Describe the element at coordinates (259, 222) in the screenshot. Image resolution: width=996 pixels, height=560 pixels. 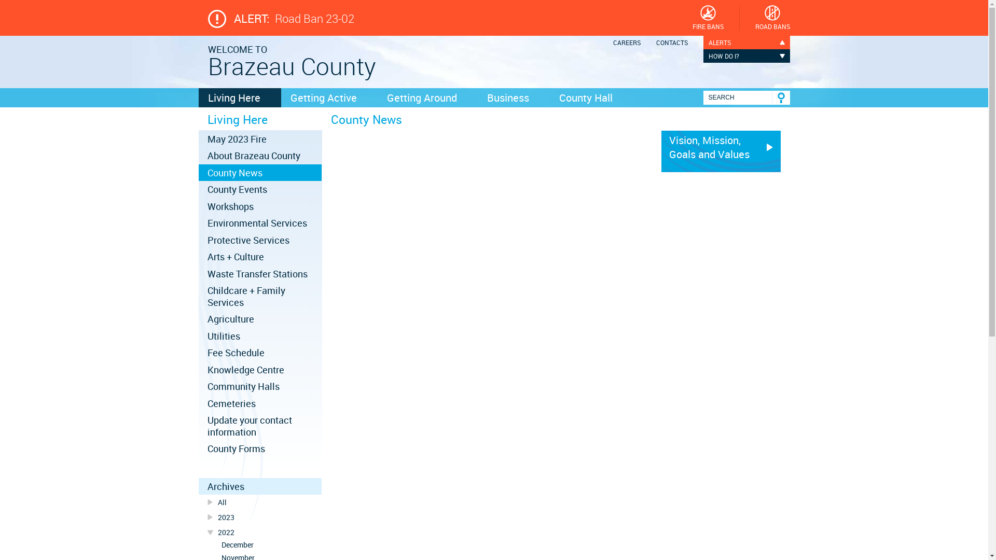
I see `'Environmental Services'` at that location.